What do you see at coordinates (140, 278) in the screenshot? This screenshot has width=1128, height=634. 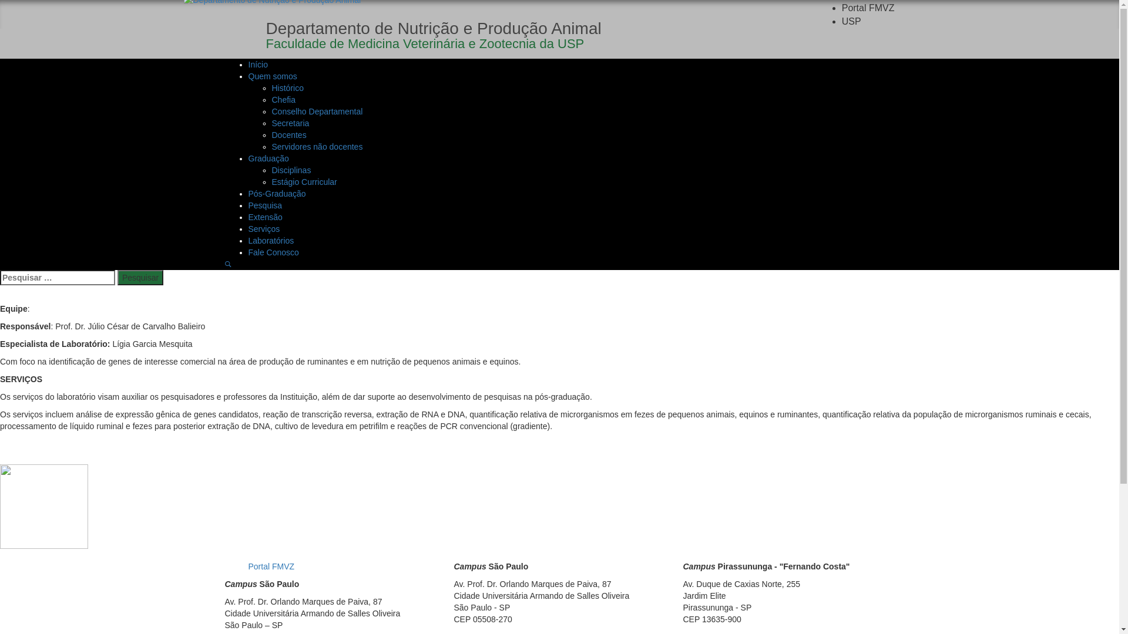 I see `'Pesquisar'` at bounding box center [140, 278].